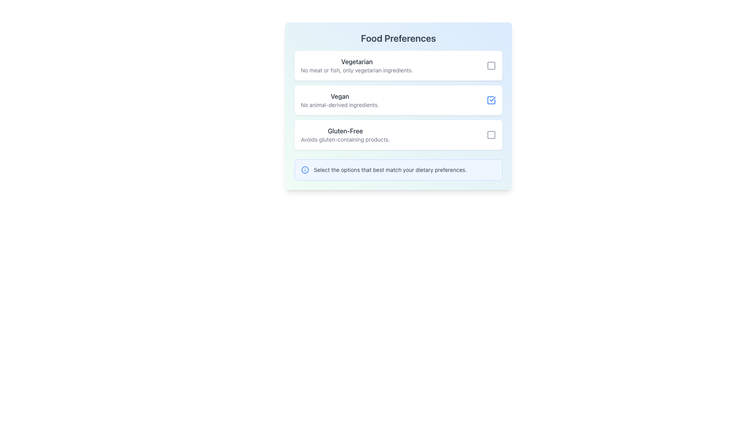  What do you see at coordinates (345, 135) in the screenshot?
I see `the 'Gluten-Free' dietary preference text display located in the third entry of the vertically stacked list, positioned between 'Vegan' and additional information` at bounding box center [345, 135].